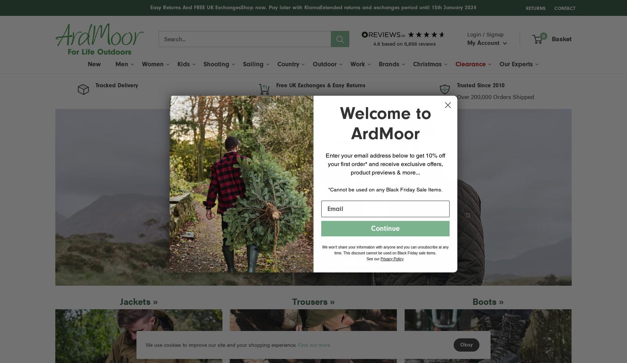  Describe the element at coordinates (515, 172) in the screenshot. I see `'Recover password'` at that location.